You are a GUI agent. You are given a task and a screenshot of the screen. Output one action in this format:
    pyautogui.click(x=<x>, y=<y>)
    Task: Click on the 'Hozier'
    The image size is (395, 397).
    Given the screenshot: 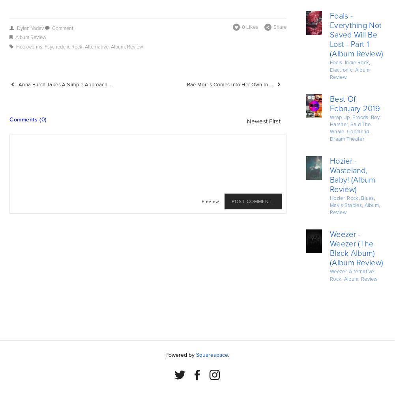 What is the action you would take?
    pyautogui.click(x=336, y=198)
    